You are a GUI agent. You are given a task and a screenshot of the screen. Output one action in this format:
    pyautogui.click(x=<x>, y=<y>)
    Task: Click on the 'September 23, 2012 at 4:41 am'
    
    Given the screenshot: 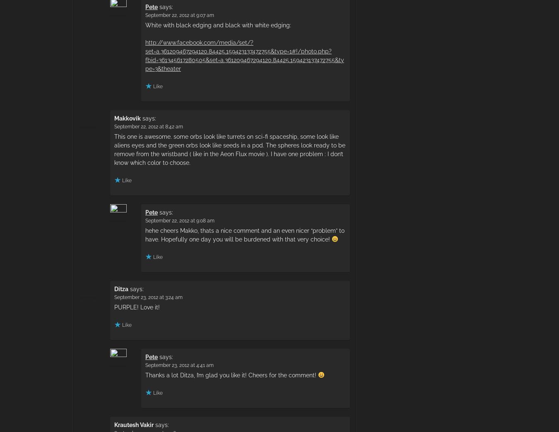 What is the action you would take?
    pyautogui.click(x=179, y=365)
    